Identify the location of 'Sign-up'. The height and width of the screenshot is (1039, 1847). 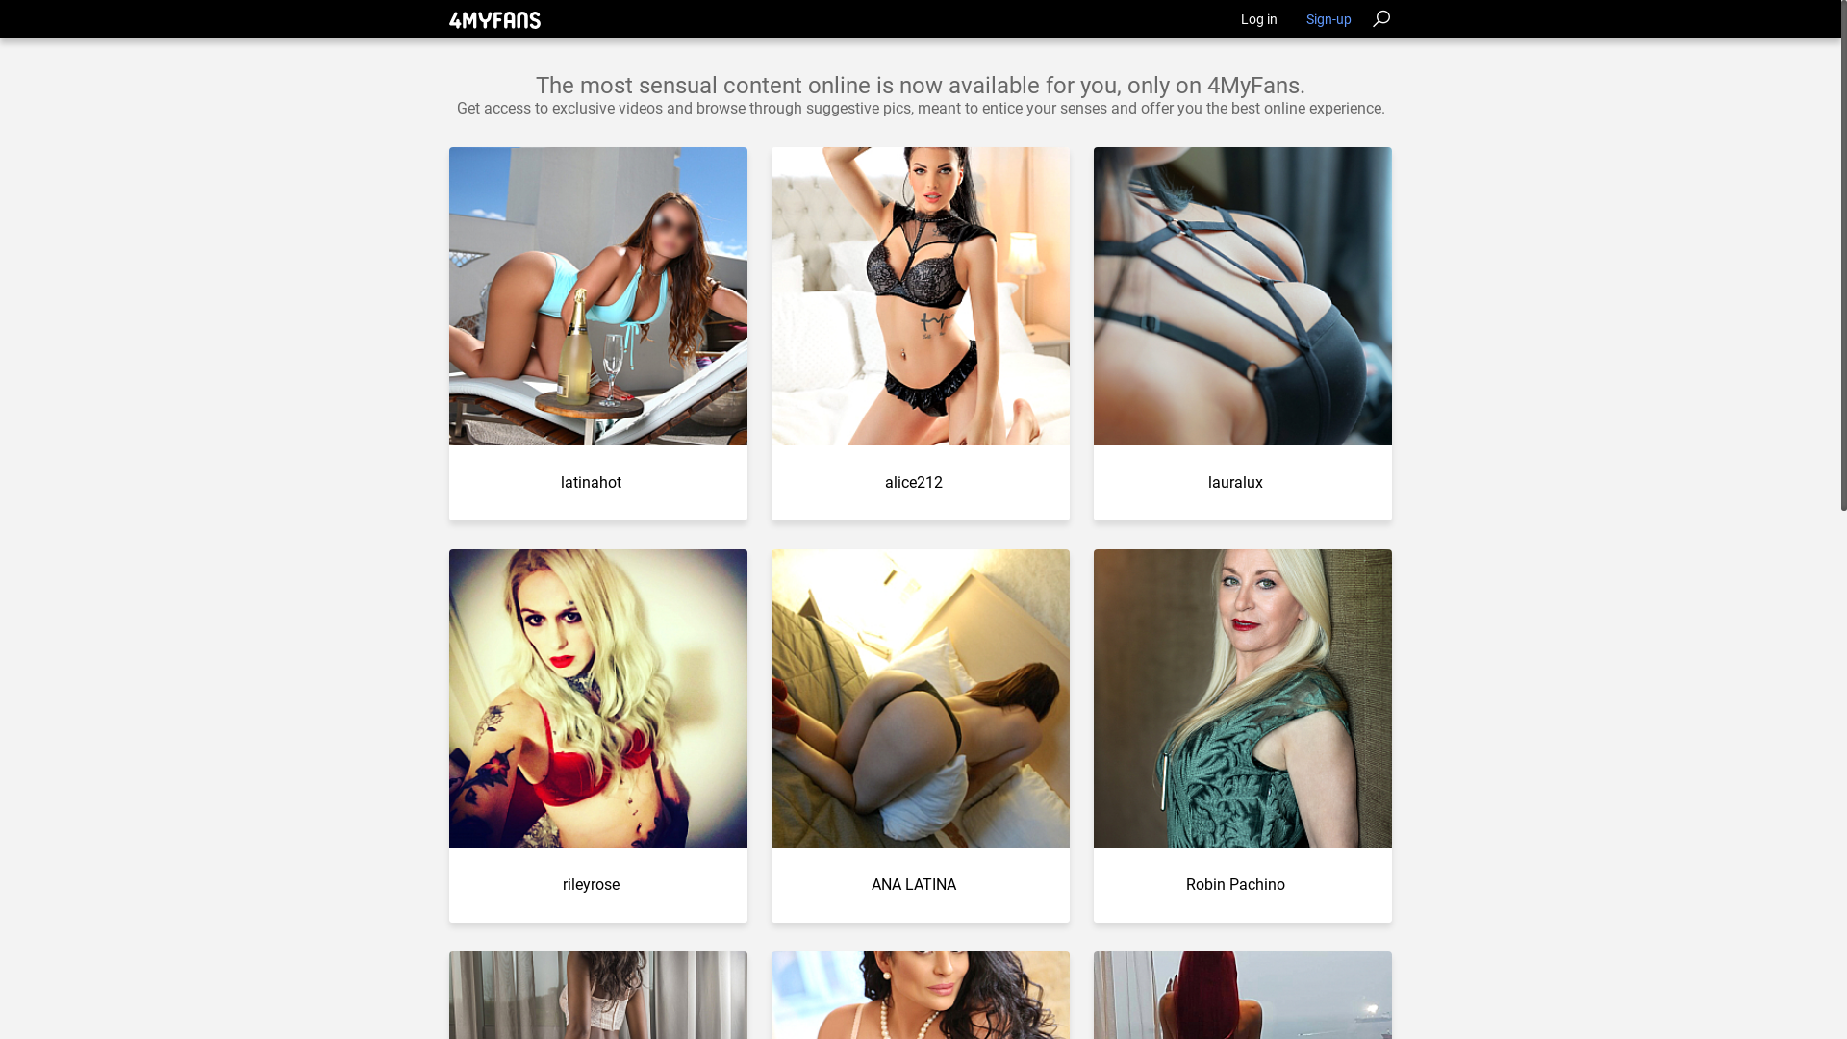
(1328, 18).